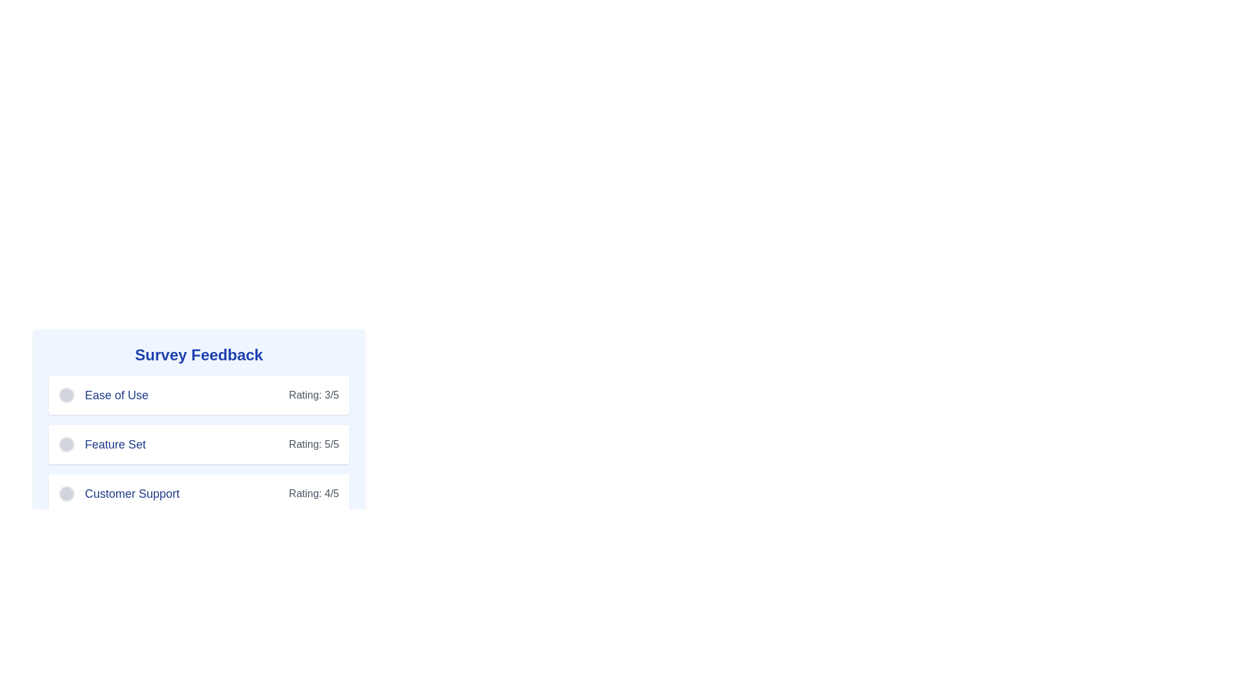 Image resolution: width=1245 pixels, height=700 pixels. What do you see at coordinates (102, 444) in the screenshot?
I see `the label that describes a category of the survey feedback, located in the second row between 'Ease of Use' and 'Customer Support'` at bounding box center [102, 444].